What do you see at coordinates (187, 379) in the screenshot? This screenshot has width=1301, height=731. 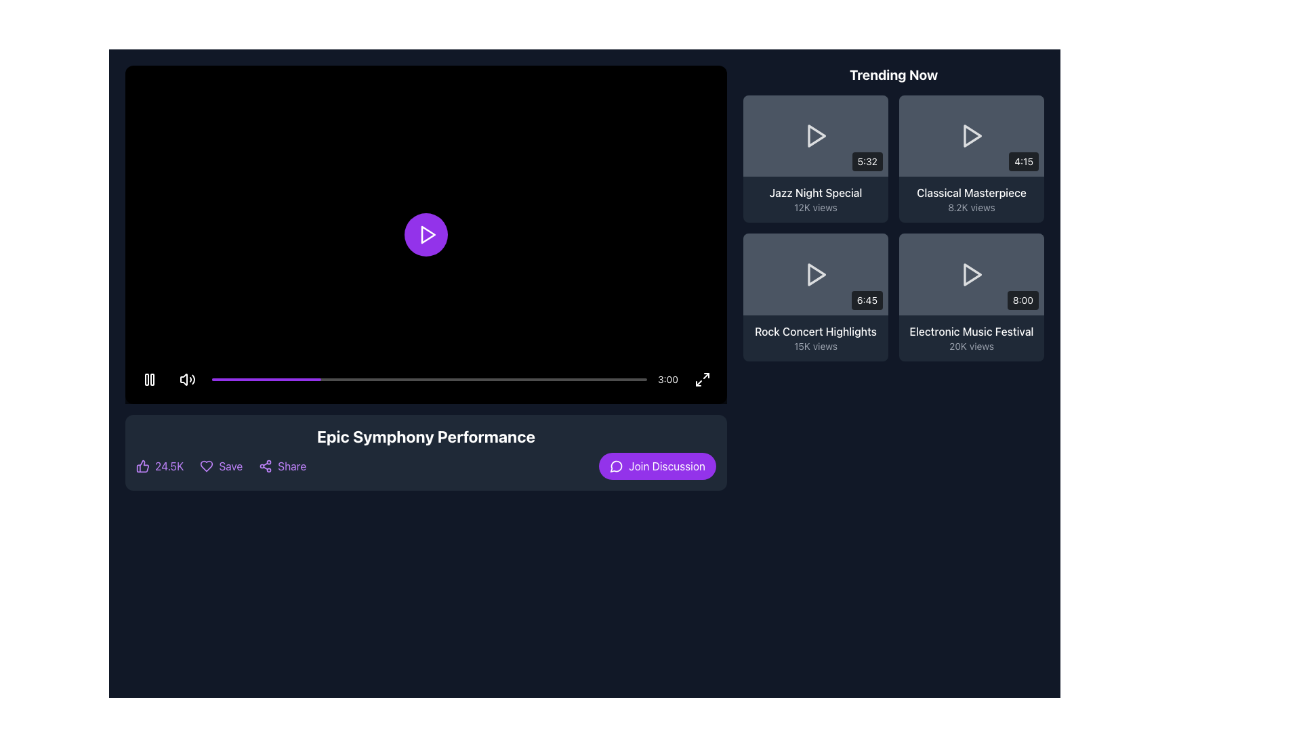 I see `the Mute/Unmute Button located in the bottom-left corner of the video playback area` at bounding box center [187, 379].